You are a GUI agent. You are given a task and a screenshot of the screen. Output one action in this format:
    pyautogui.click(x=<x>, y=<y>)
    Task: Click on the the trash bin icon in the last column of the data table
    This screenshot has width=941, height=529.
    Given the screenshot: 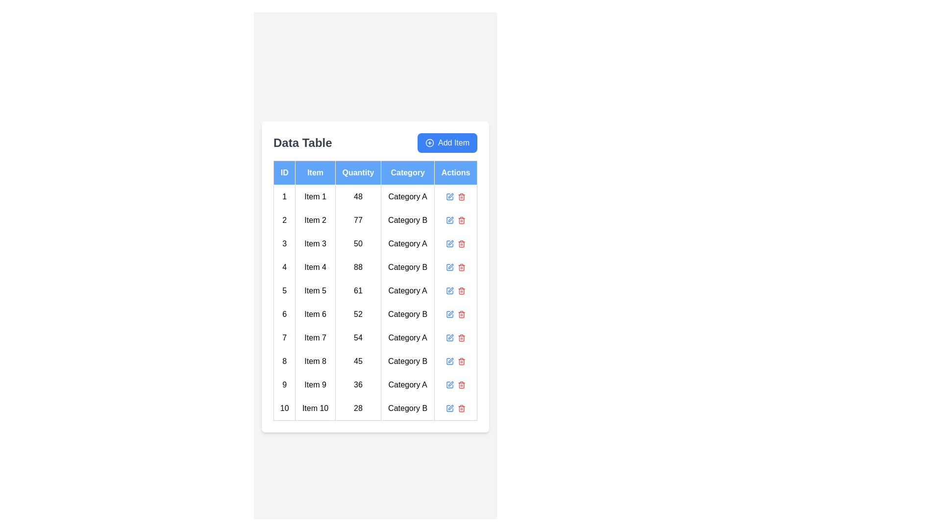 What is the action you would take?
    pyautogui.click(x=461, y=196)
    